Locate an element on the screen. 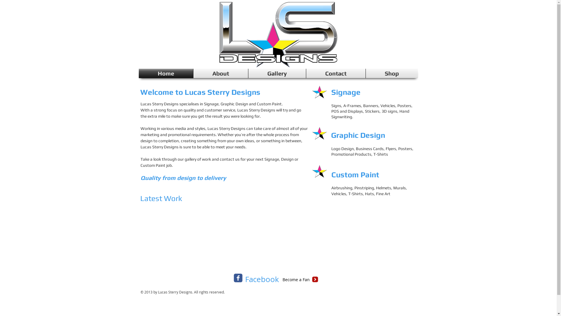 This screenshot has height=316, width=561. 'Contact' is located at coordinates (336, 73).